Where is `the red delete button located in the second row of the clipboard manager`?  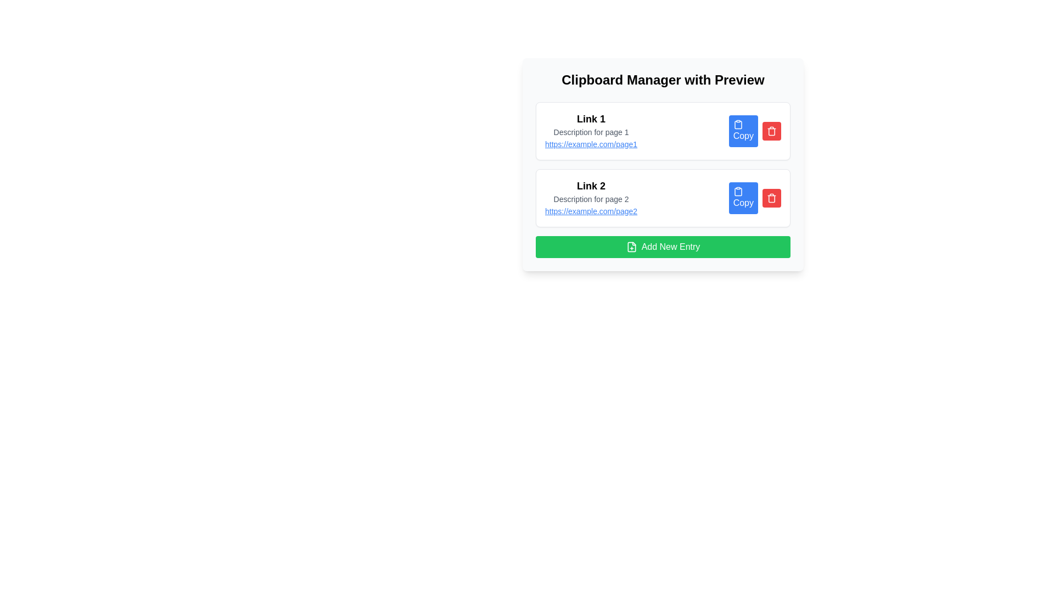 the red delete button located in the second row of the clipboard manager is located at coordinates (771, 131).